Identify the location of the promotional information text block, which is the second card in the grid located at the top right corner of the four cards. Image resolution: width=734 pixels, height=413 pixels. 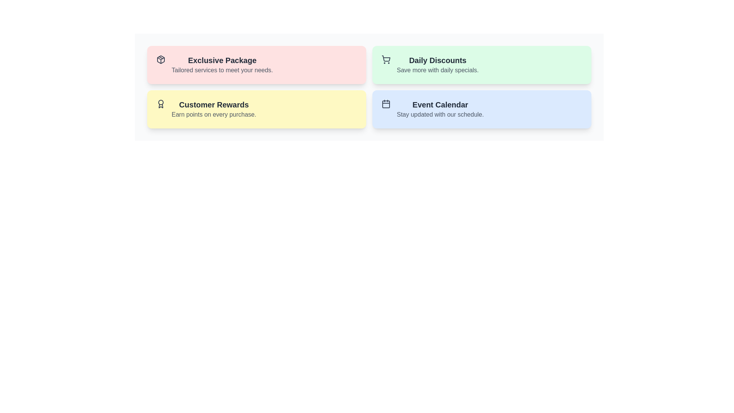
(438, 64).